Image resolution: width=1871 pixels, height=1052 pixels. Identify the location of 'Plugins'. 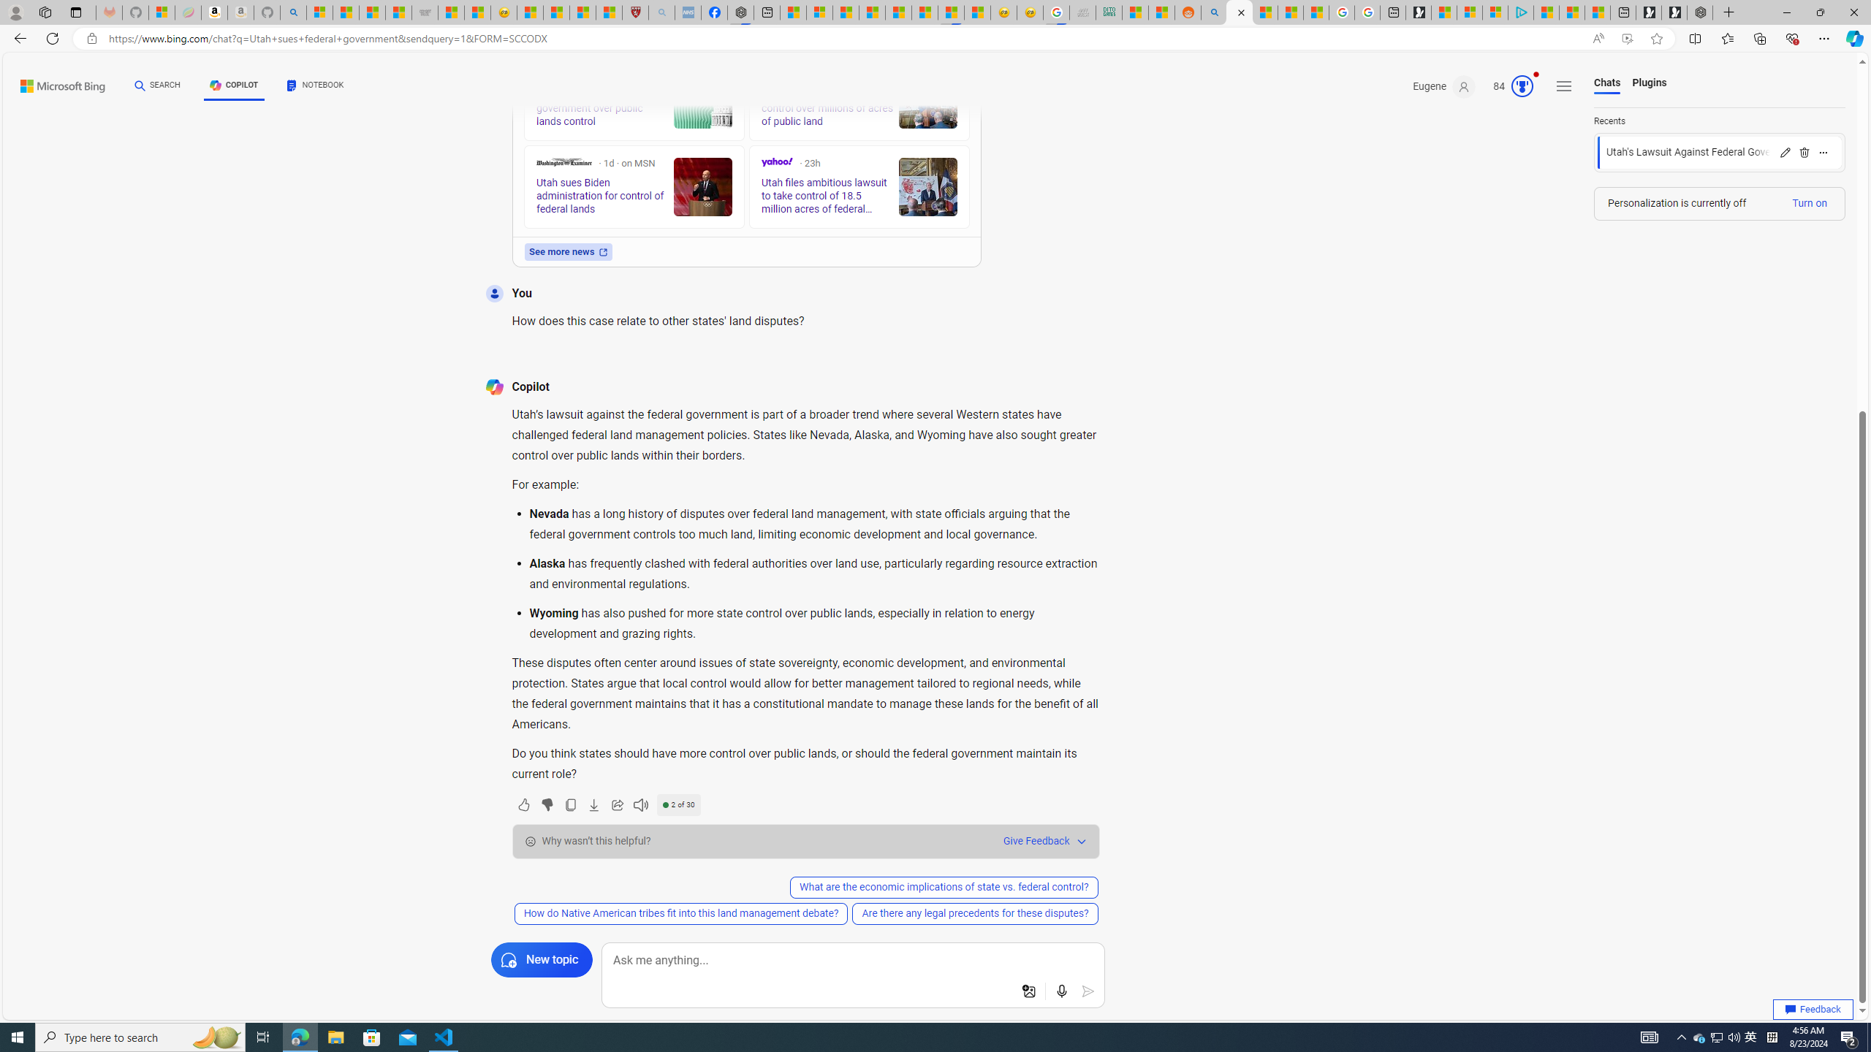
(1648, 83).